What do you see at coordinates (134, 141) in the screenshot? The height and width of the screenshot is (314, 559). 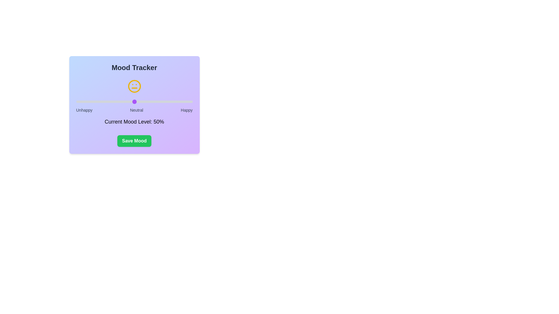 I see `'Save Mood' button to save the current mood level` at bounding box center [134, 141].